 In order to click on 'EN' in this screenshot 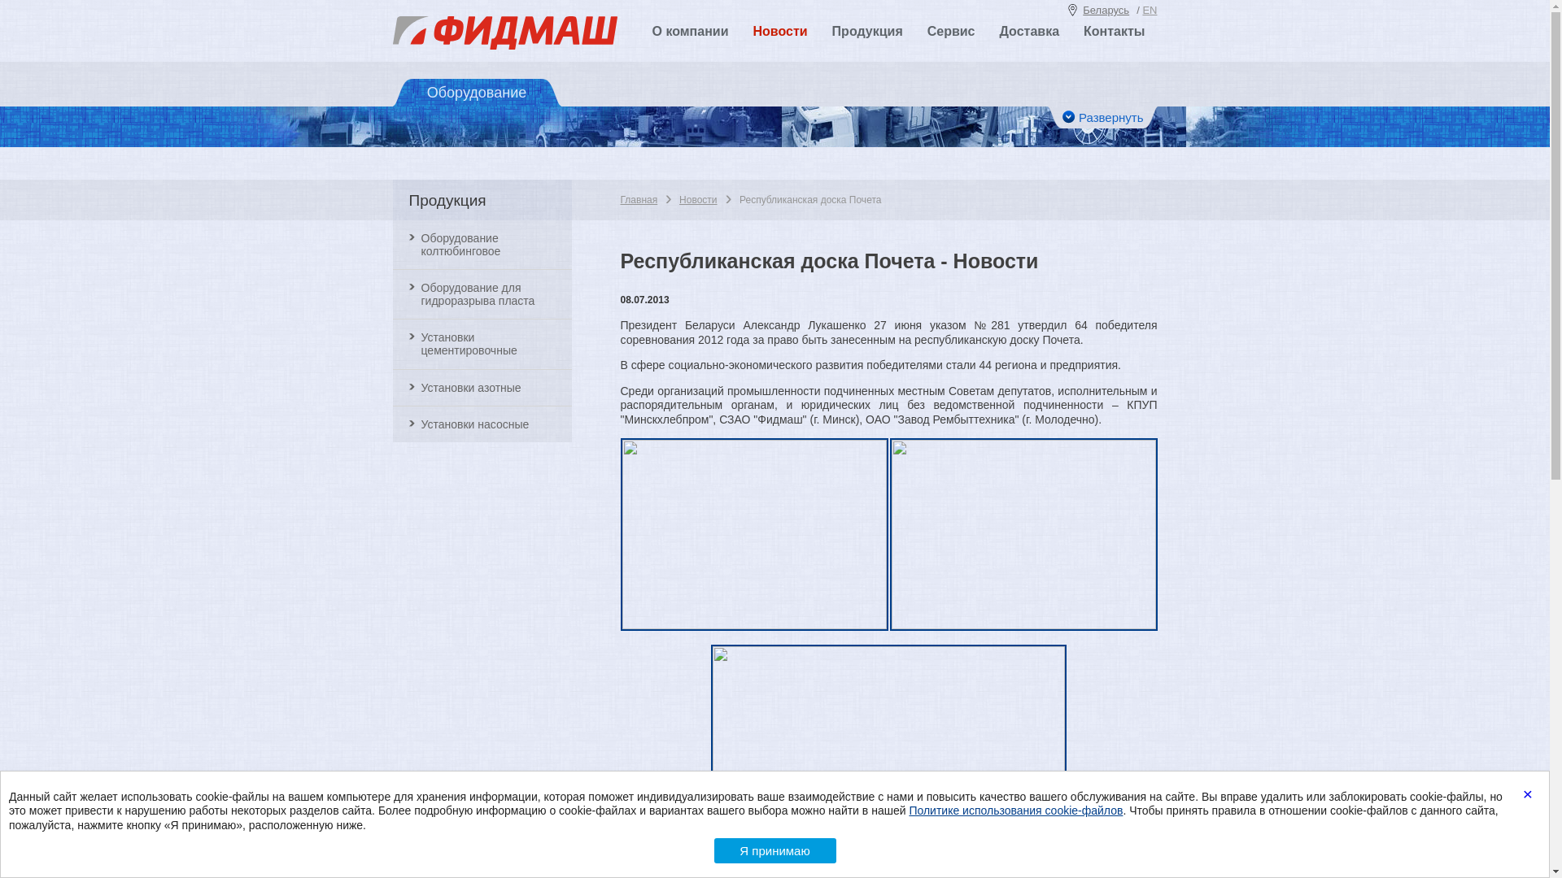, I will do `click(1148, 10)`.